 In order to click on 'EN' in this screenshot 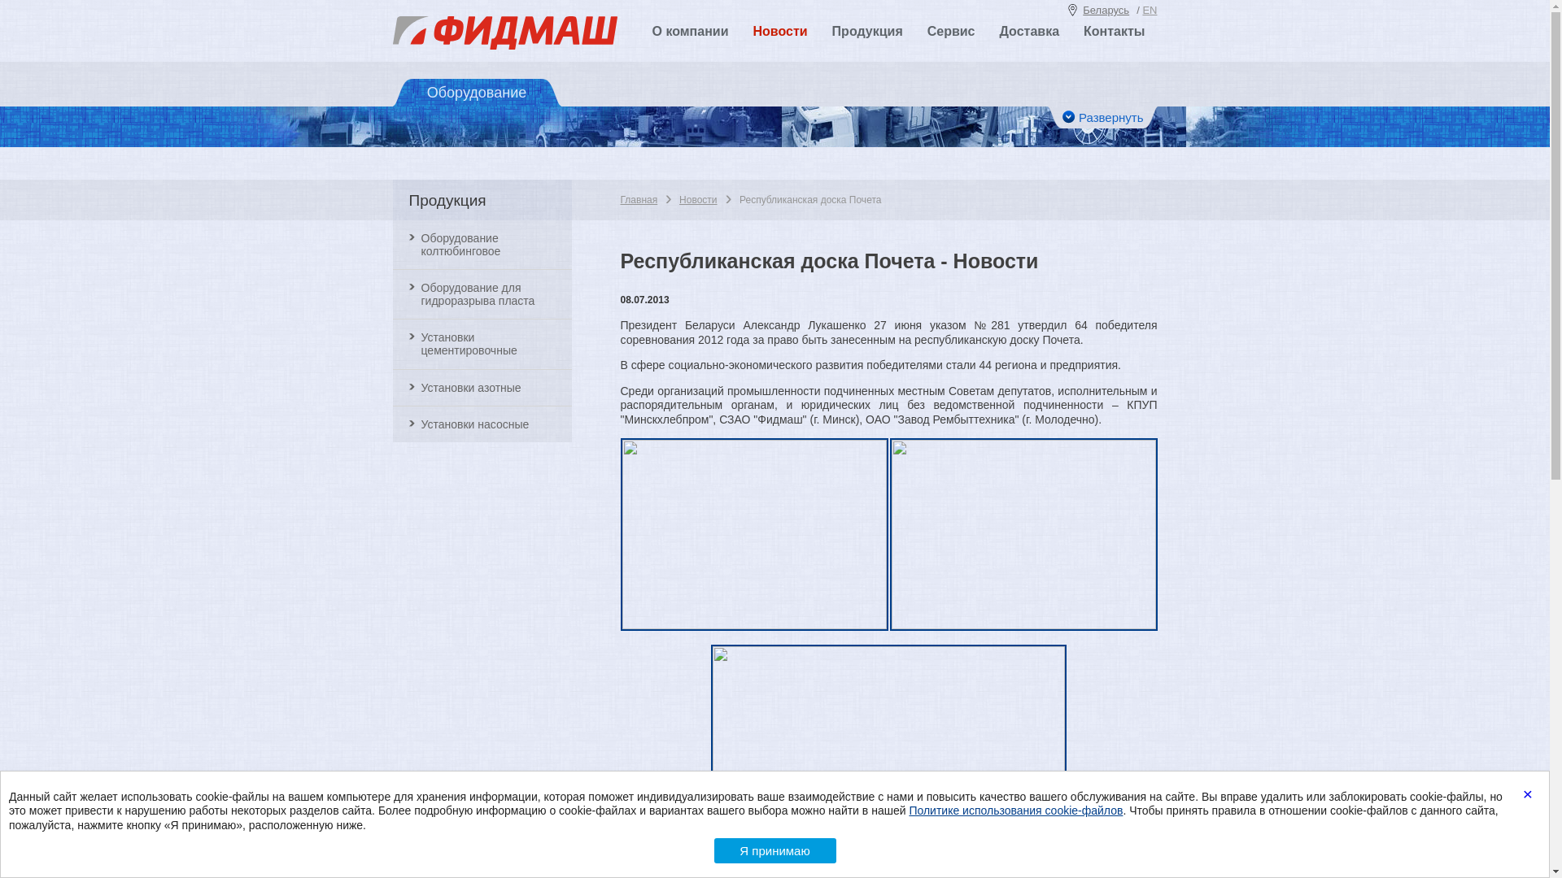, I will do `click(1148, 10)`.